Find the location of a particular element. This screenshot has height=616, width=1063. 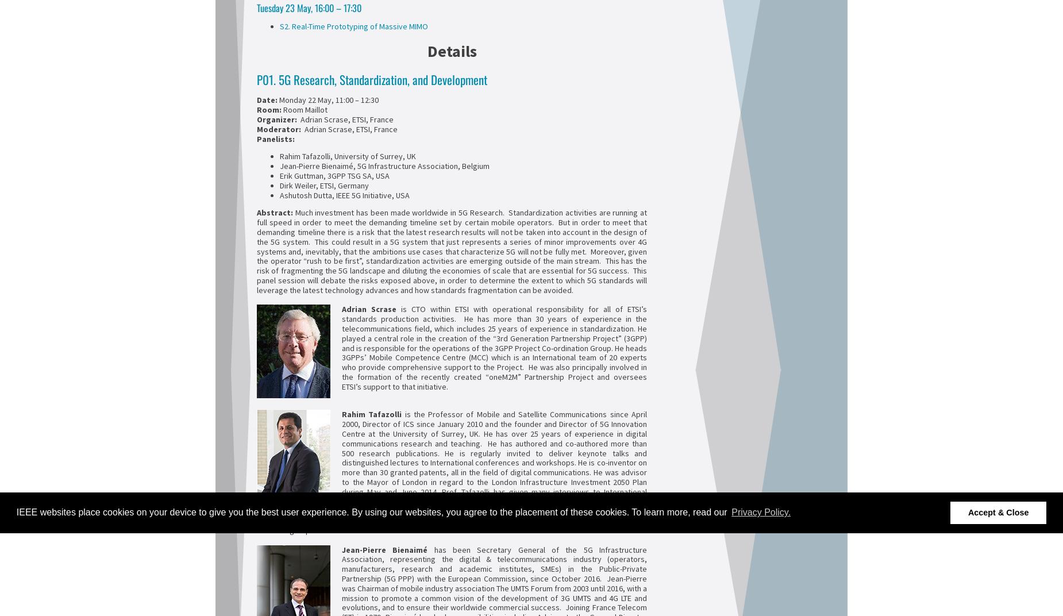

'Jean-Pierre Bienaimé' is located at coordinates (341, 549).